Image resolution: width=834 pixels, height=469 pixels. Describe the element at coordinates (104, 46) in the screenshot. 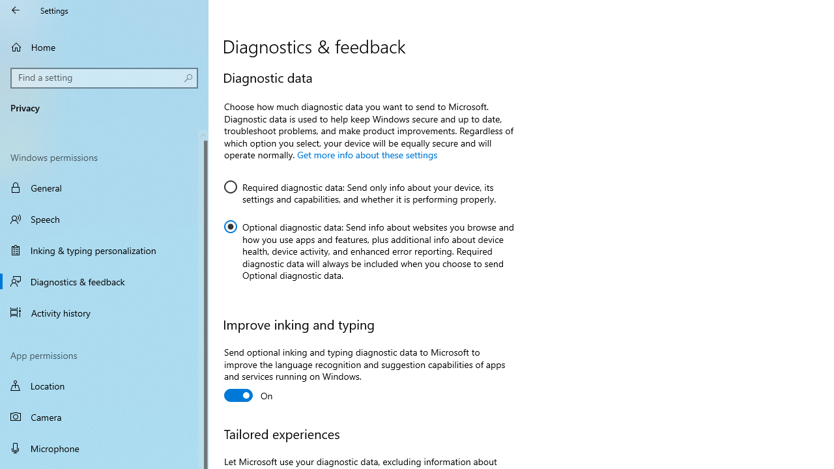

I see `'Home'` at that location.